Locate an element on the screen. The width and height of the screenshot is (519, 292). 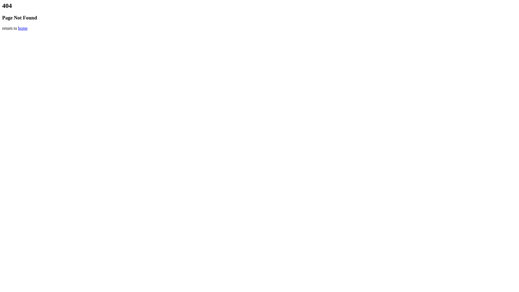
'home' is located at coordinates (23, 28).